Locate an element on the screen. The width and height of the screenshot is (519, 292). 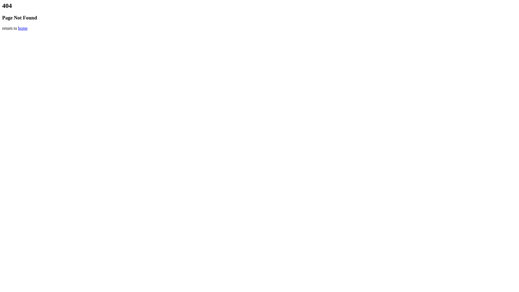
'home' is located at coordinates (23, 28).